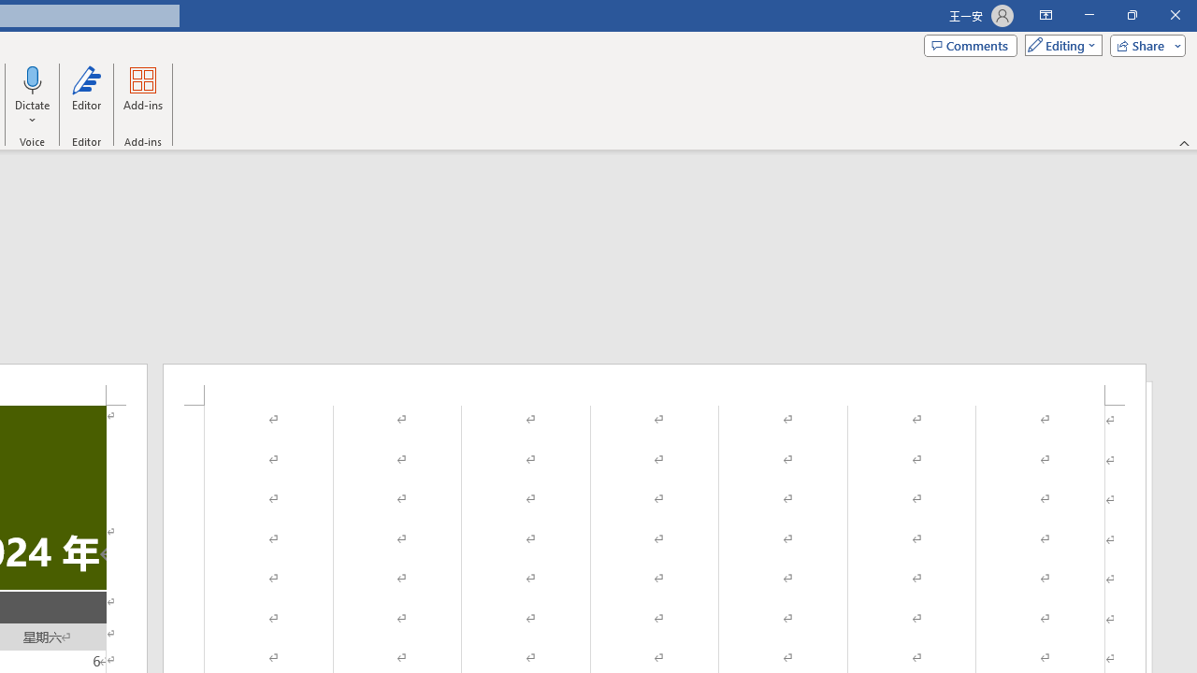 The height and width of the screenshot is (673, 1197). I want to click on 'Comments', so click(971, 44).